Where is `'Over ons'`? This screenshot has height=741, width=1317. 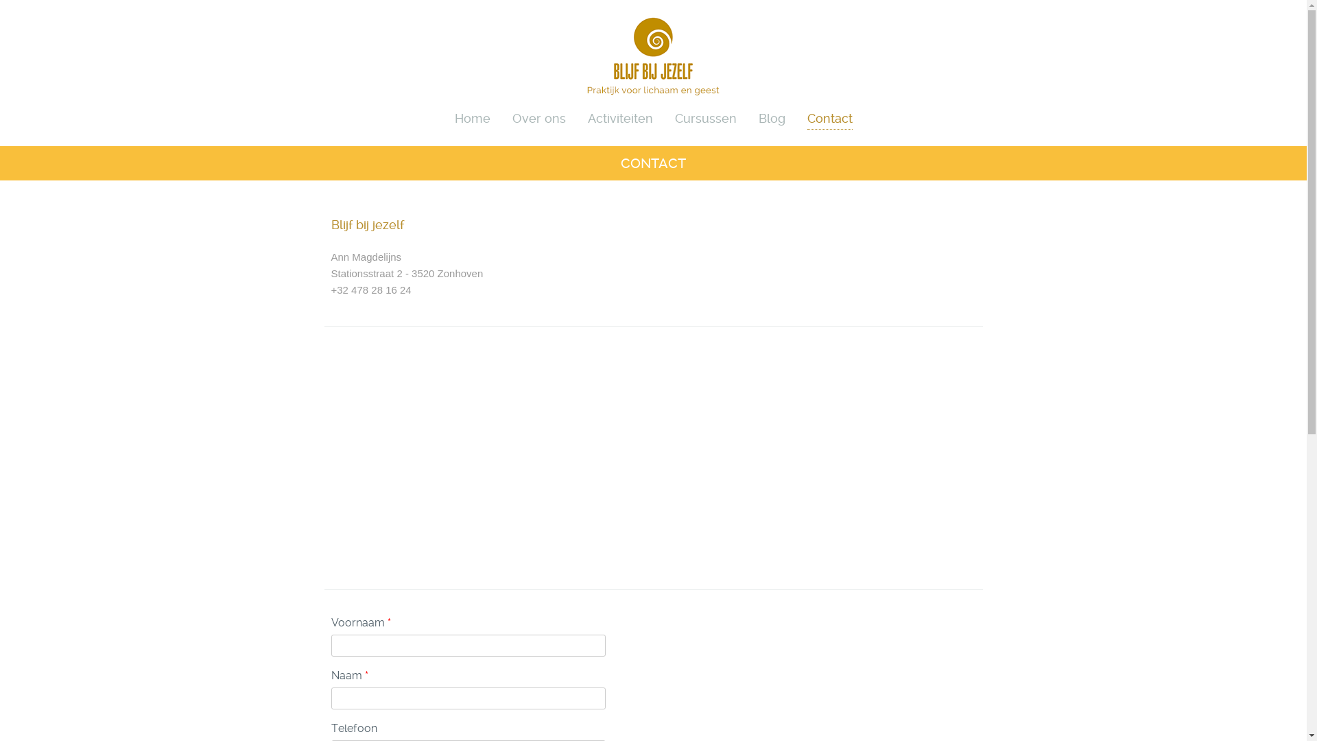 'Over ons' is located at coordinates (538, 116).